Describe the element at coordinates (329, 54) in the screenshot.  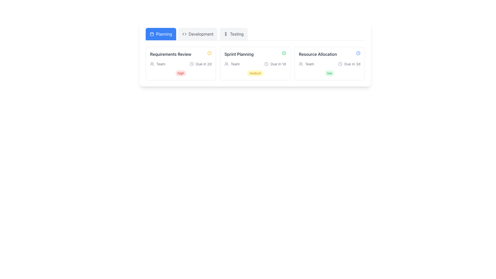
I see `the 'Resource Allocation' label that displays the text in bold with a blue clock icon to the right` at that location.